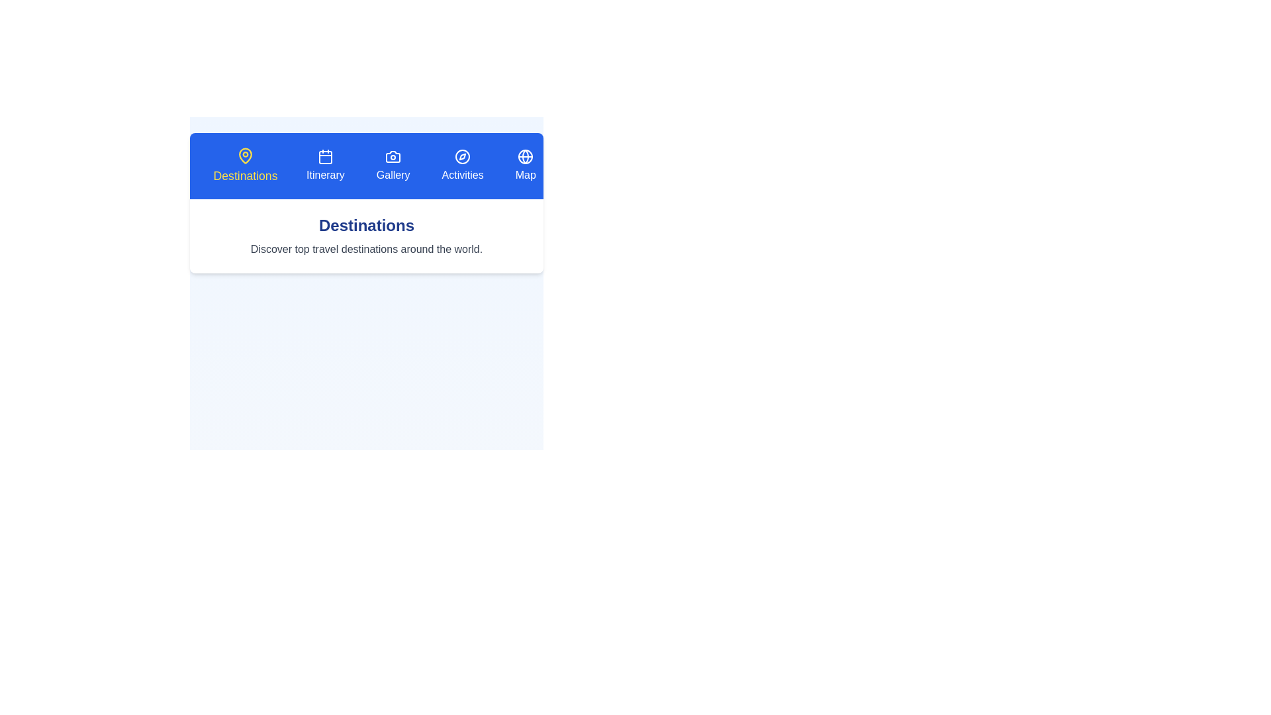 Image resolution: width=1271 pixels, height=715 pixels. I want to click on the calendar icon button labeled 'Itinerary', so click(325, 165).